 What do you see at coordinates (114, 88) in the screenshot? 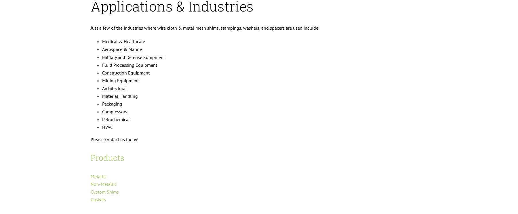
I see `'Architectural'` at bounding box center [114, 88].